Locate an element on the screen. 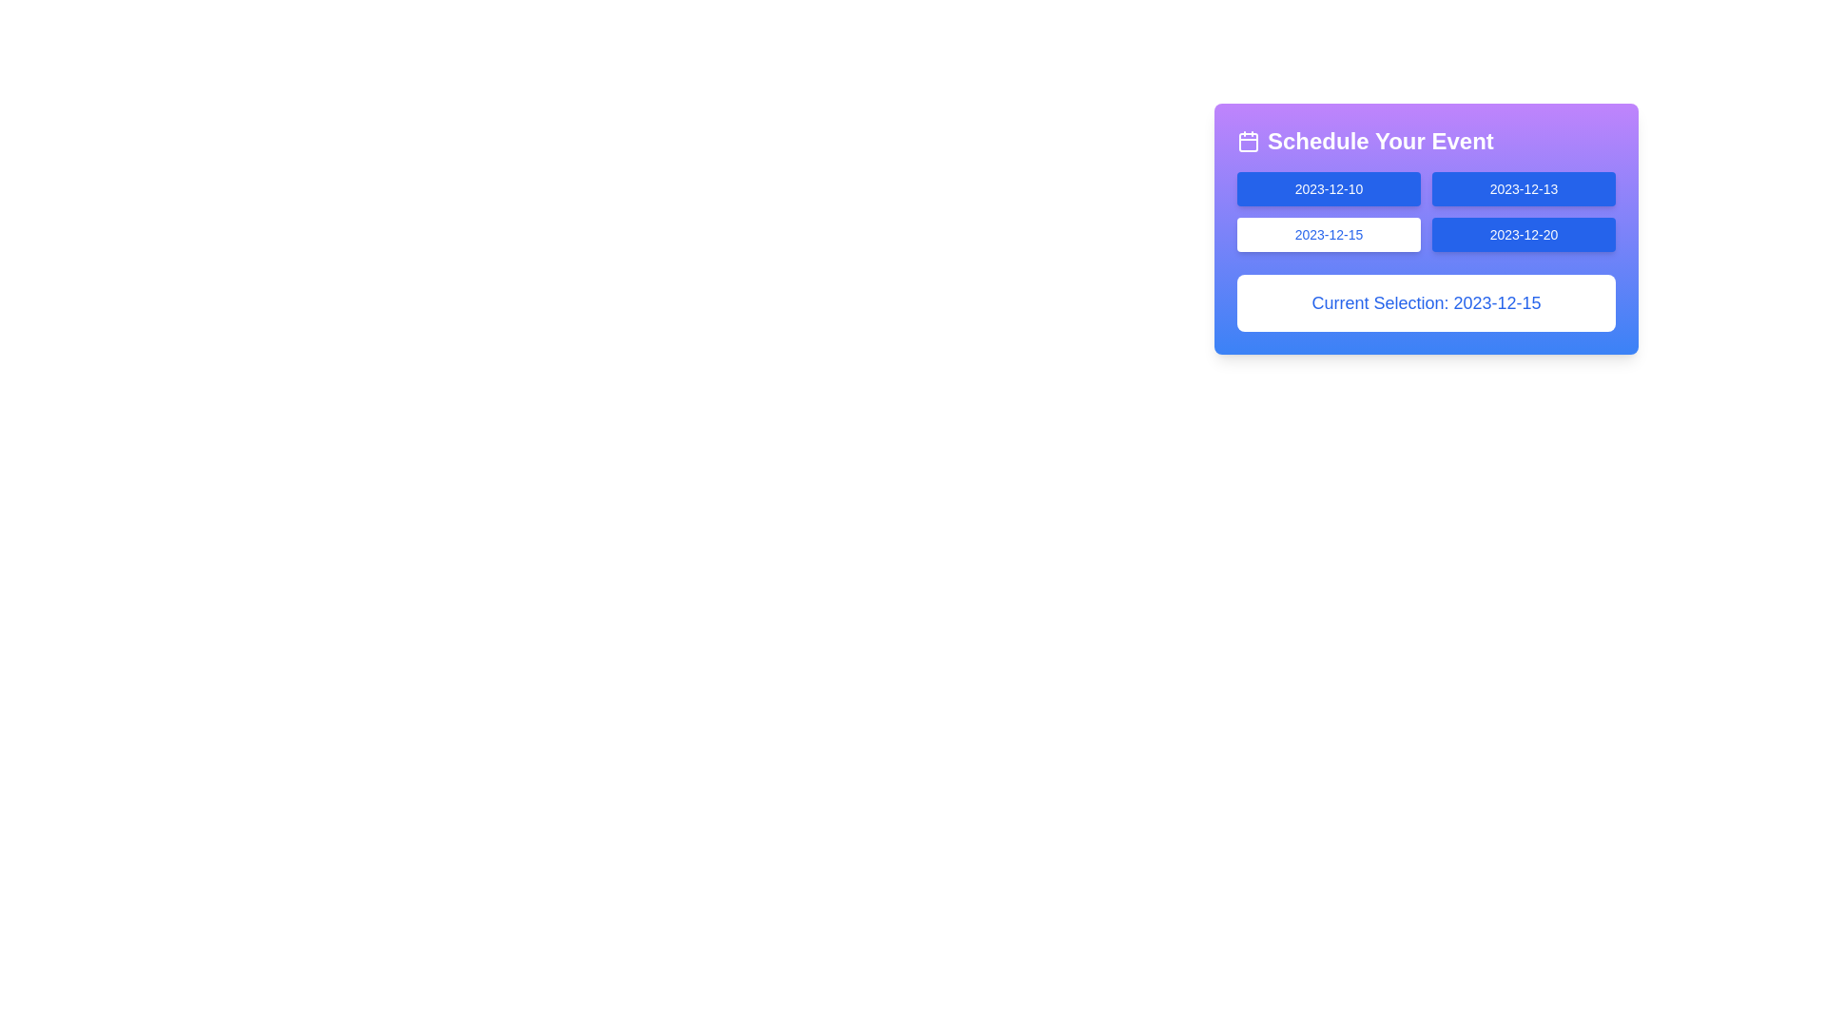 The image size is (1826, 1027). the text label that displays the currently selected date, which is a read-only indicator for the user, located below the date selection buttons within the card is located at coordinates (1426, 302).